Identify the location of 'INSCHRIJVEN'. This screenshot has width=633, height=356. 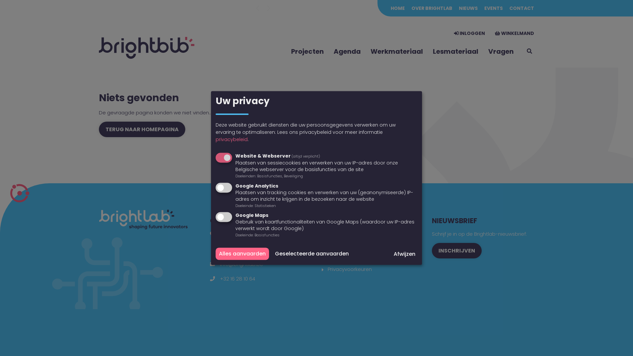
(456, 251).